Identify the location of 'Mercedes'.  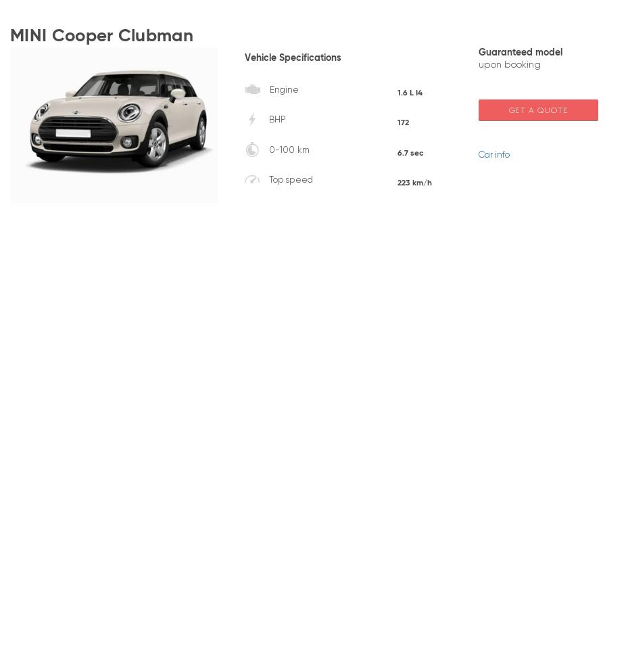
(540, 202).